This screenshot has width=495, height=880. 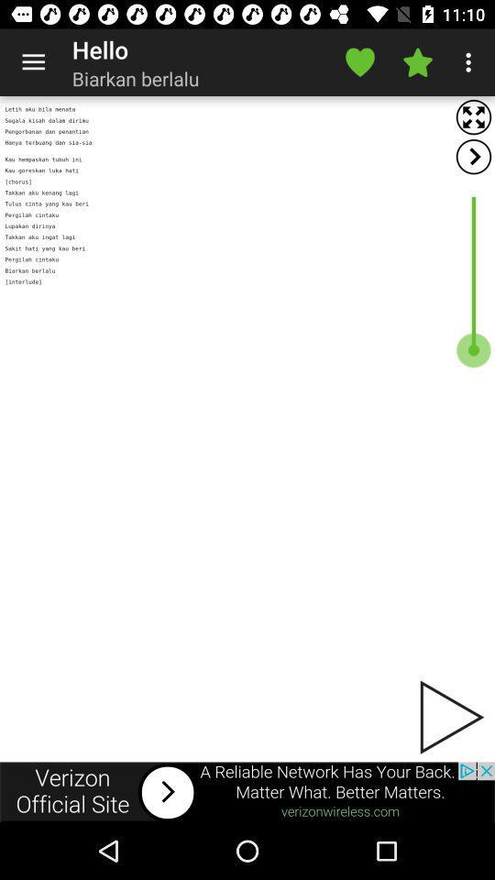 What do you see at coordinates (473, 156) in the screenshot?
I see `the arrow_forward icon` at bounding box center [473, 156].